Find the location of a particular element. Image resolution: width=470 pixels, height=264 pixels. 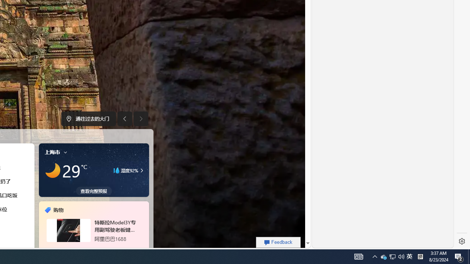

'Previous image' is located at coordinates (124, 118).